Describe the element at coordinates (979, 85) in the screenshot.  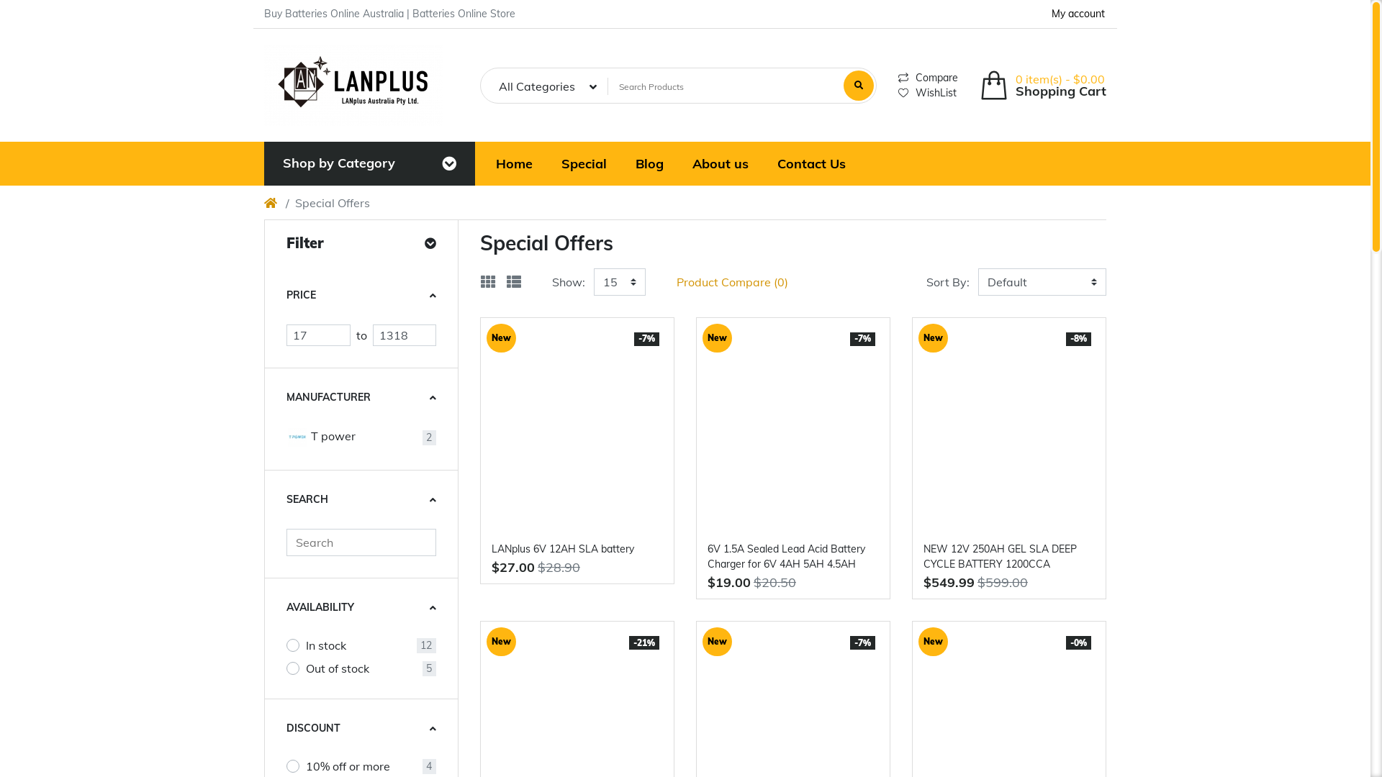
I see `'Shopping Cart` at that location.